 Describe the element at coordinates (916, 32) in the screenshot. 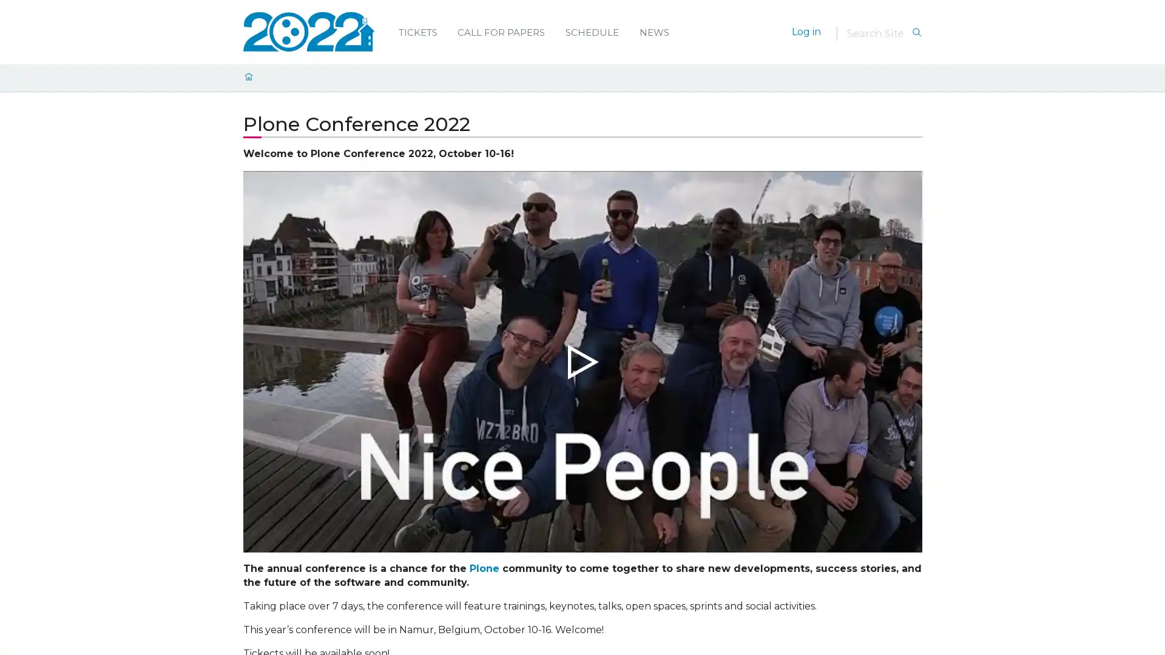

I see `Search` at that location.